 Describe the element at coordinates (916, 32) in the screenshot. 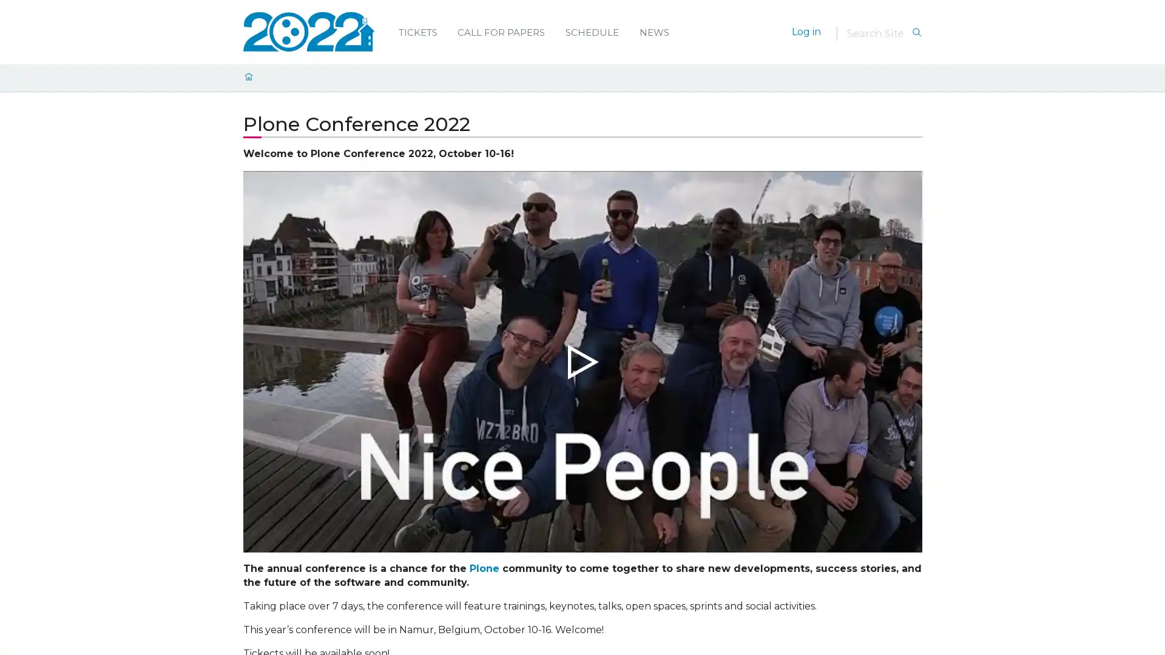

I see `Search` at that location.